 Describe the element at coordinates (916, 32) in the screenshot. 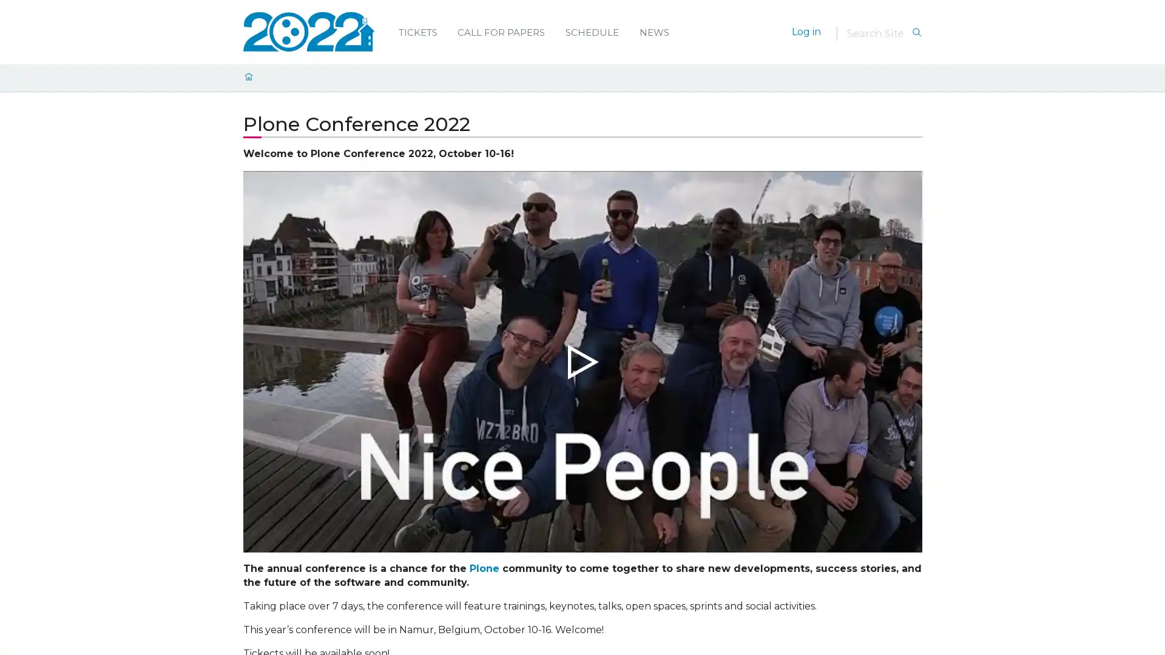

I see `Search` at that location.